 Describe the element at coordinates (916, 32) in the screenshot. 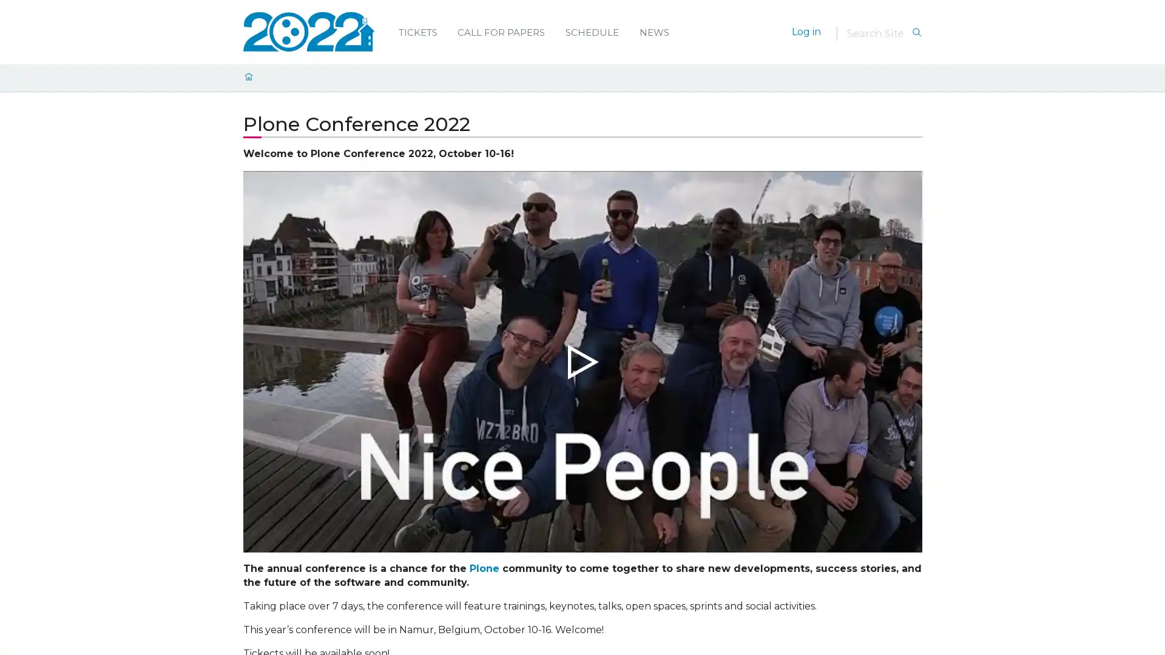

I see `Search` at that location.